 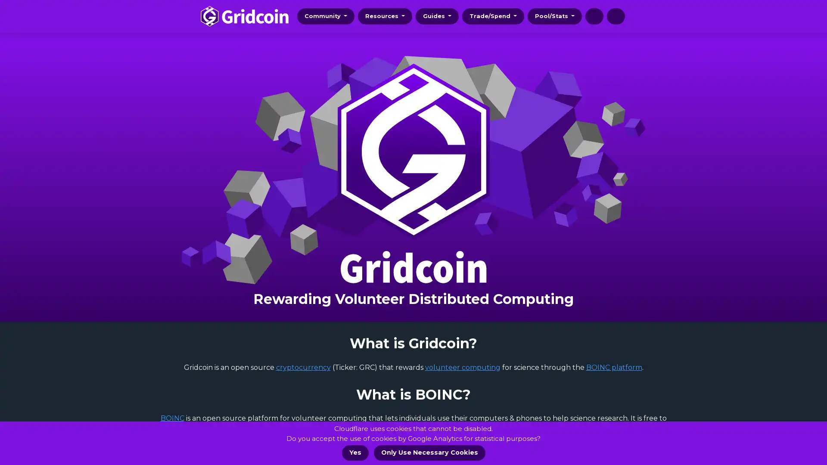 I want to click on Yes, so click(x=355, y=453).